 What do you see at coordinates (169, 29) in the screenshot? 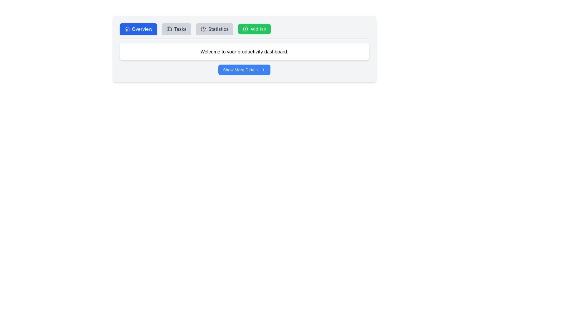
I see `the icon located to the left of the 'Tasks' button in the top navigation bar` at bounding box center [169, 29].